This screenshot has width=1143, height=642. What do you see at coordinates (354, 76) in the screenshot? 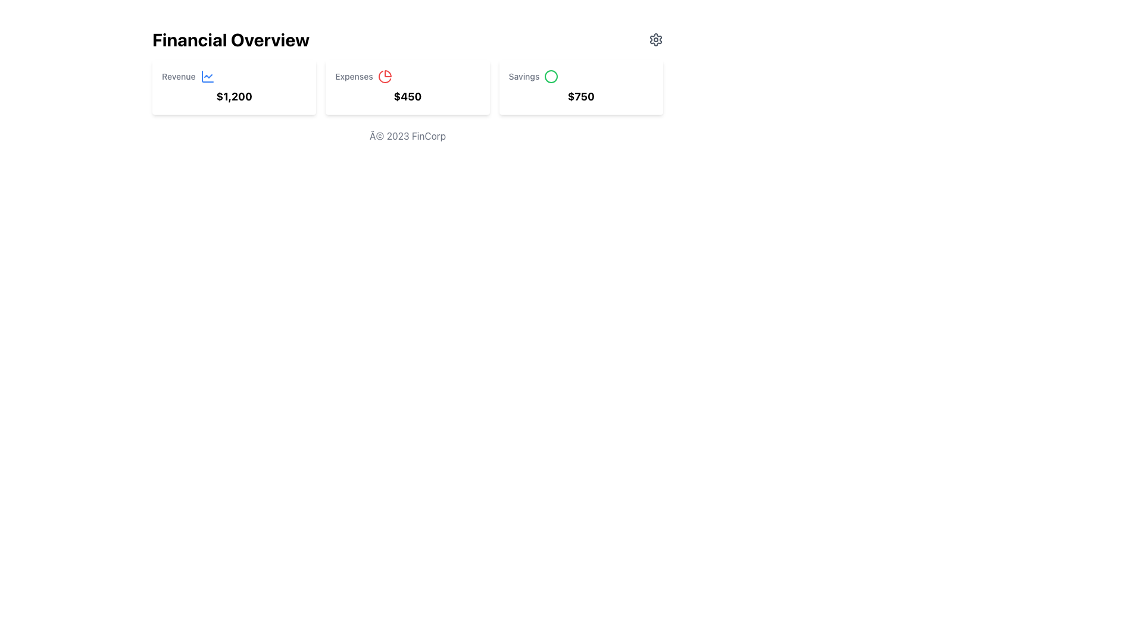
I see `the text label displaying 'Expenses' which is located to the left of the chart icon and above the monetary value '$450'` at bounding box center [354, 76].